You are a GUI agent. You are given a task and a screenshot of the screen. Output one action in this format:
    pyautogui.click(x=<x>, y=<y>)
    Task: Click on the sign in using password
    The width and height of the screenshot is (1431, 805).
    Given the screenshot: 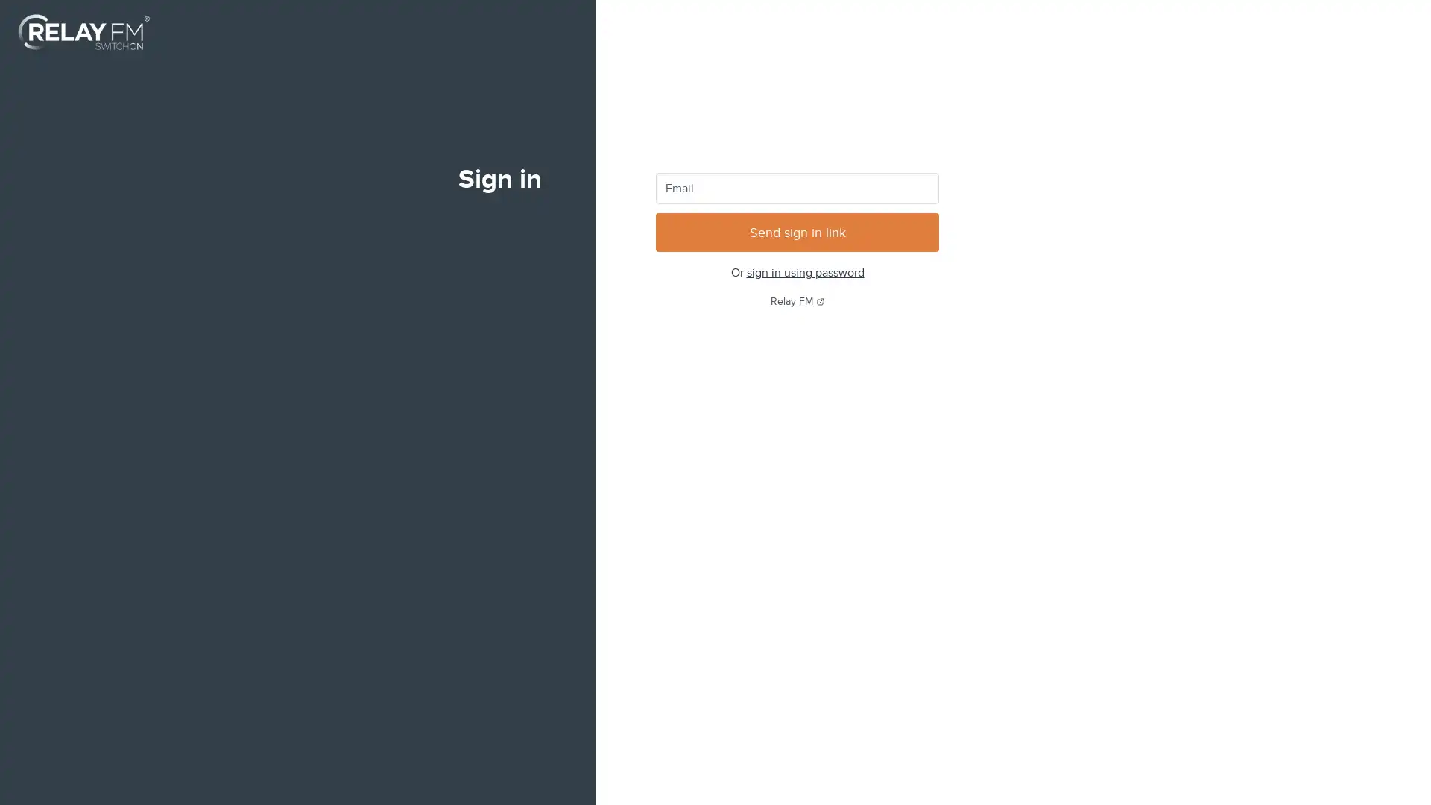 What is the action you would take?
    pyautogui.click(x=804, y=273)
    